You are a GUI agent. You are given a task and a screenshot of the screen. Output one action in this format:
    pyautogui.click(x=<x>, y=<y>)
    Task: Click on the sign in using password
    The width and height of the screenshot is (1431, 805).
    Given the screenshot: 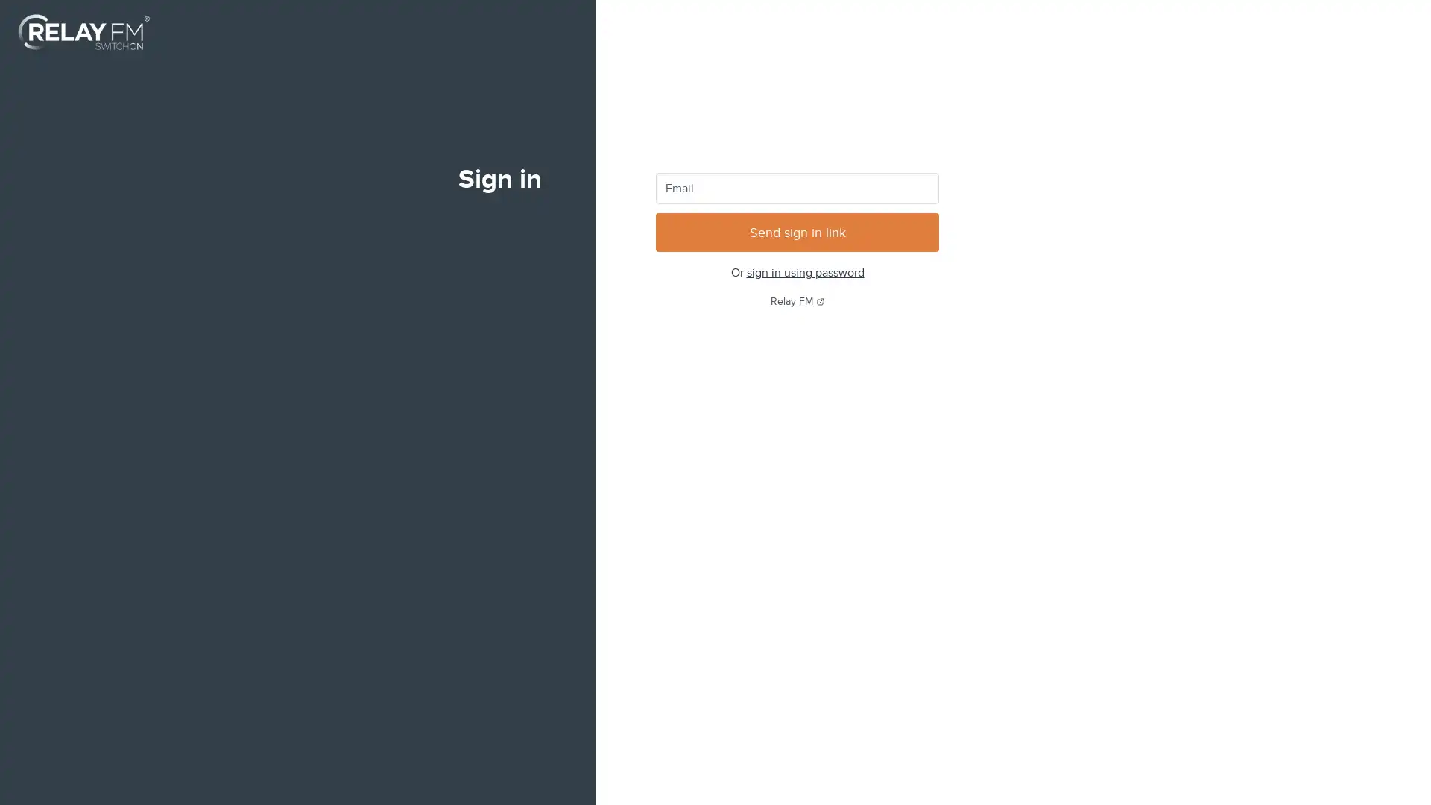 What is the action you would take?
    pyautogui.click(x=804, y=273)
    